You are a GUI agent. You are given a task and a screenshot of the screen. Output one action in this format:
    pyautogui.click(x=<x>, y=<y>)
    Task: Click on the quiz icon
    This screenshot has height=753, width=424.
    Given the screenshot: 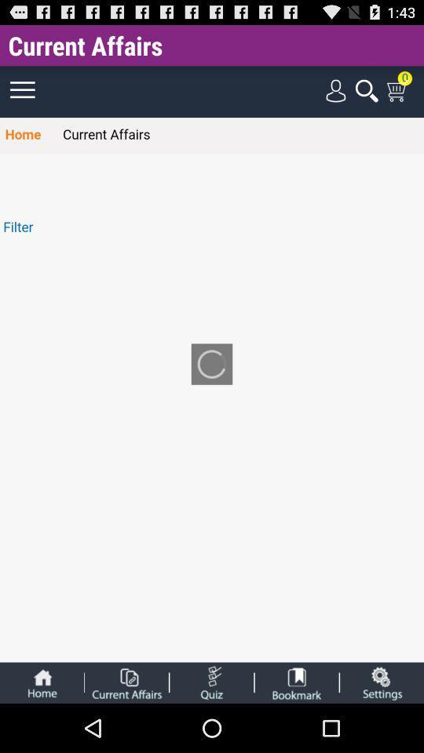 What is the action you would take?
    pyautogui.click(x=211, y=682)
    